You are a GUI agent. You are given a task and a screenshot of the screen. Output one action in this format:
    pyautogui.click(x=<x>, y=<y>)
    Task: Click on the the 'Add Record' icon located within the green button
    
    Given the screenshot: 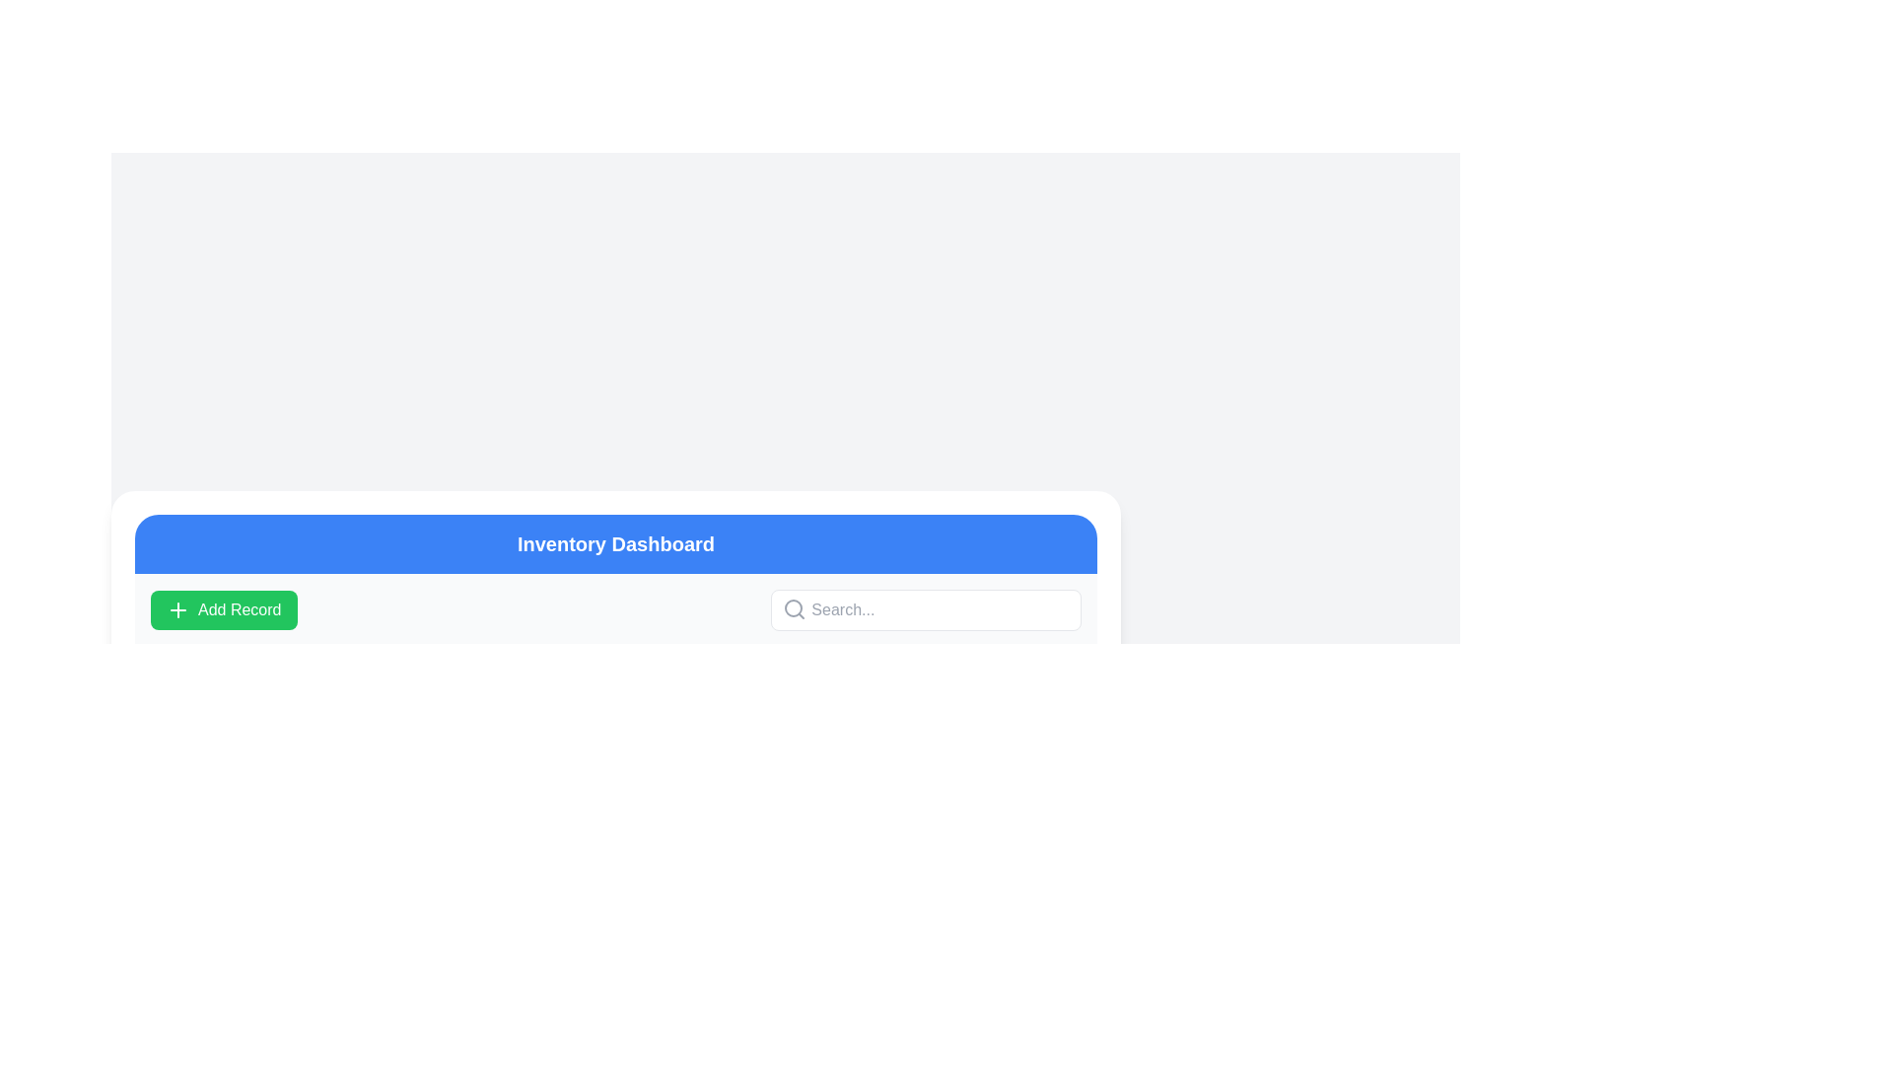 What is the action you would take?
    pyautogui.click(x=178, y=608)
    